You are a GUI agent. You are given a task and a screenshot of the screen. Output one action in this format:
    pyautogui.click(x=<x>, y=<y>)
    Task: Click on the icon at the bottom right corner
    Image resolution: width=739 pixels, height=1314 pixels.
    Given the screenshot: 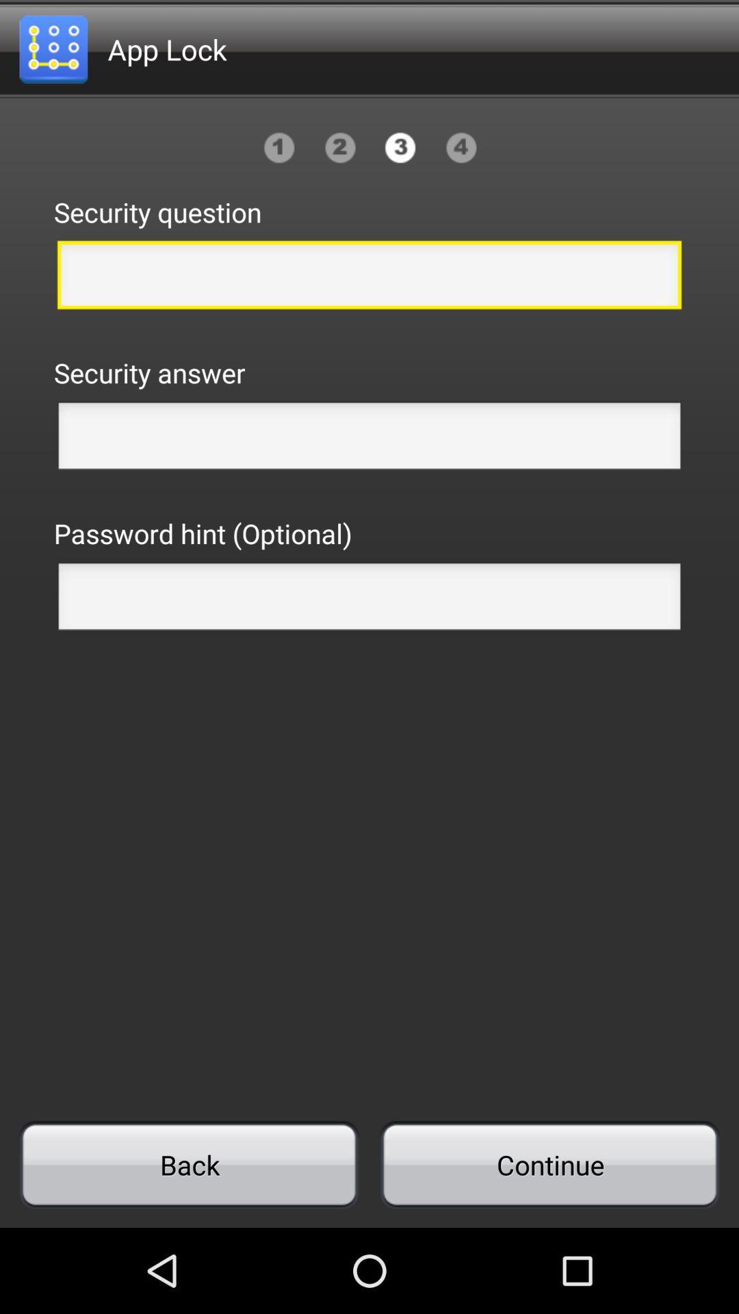 What is the action you would take?
    pyautogui.click(x=549, y=1164)
    